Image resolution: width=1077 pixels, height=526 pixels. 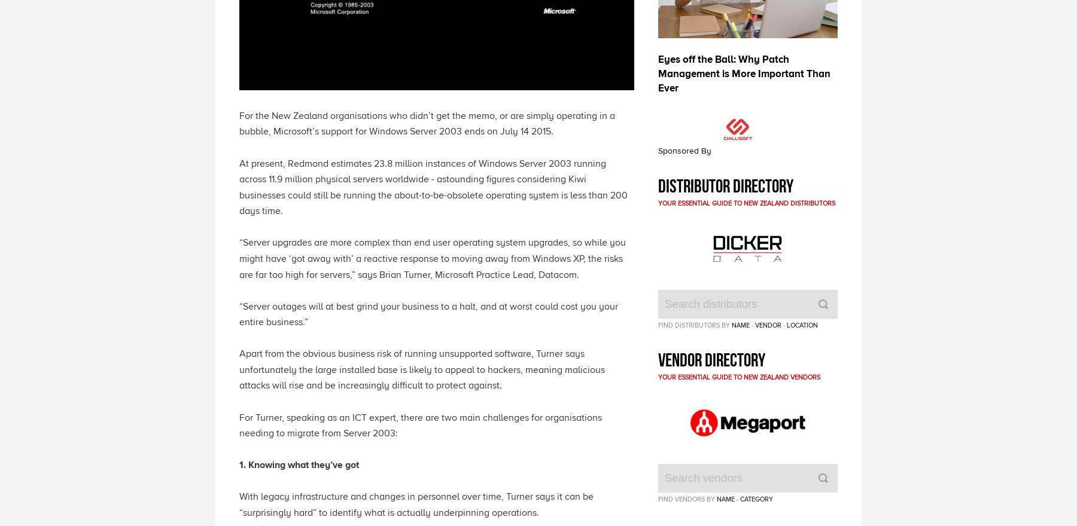 I want to click on 'At present, Redmond estimates 23.8 million instances of Windows Server 2003 running across 11.9 million physical servers worldwide - astounding figures considering Kiwi businesses could still be running the about-to-be-obsolete operating system is less than 200 days time.', so click(x=433, y=186).